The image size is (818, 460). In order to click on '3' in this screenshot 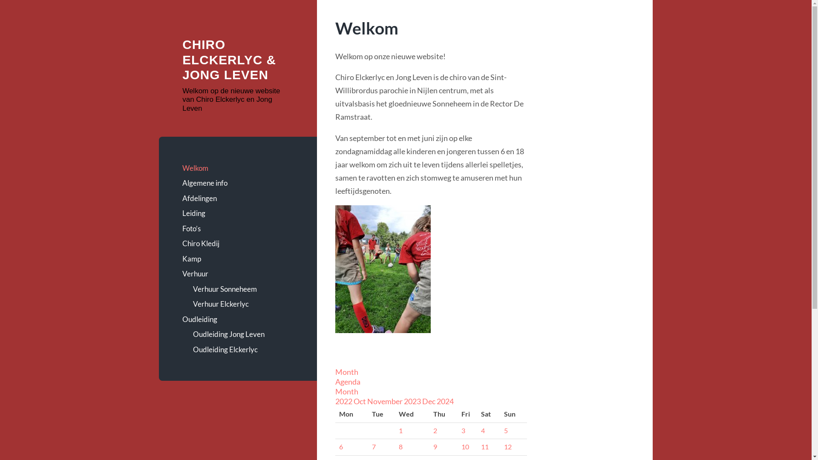, I will do `click(461, 430)`.